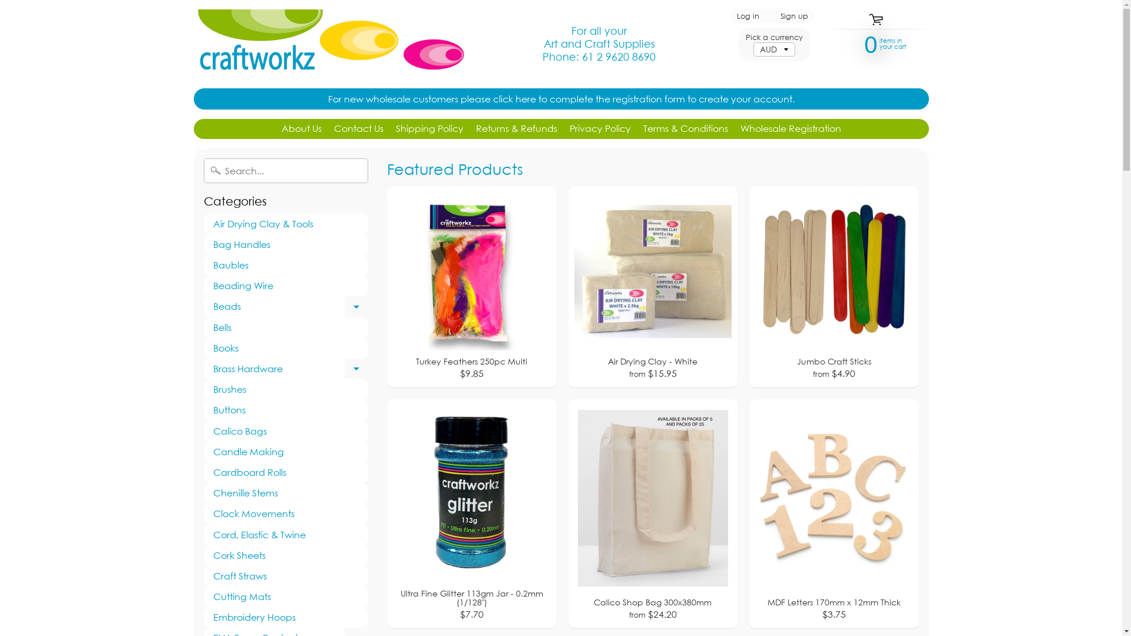 The height and width of the screenshot is (636, 1131). What do you see at coordinates (358, 129) in the screenshot?
I see `'Contact Us'` at bounding box center [358, 129].